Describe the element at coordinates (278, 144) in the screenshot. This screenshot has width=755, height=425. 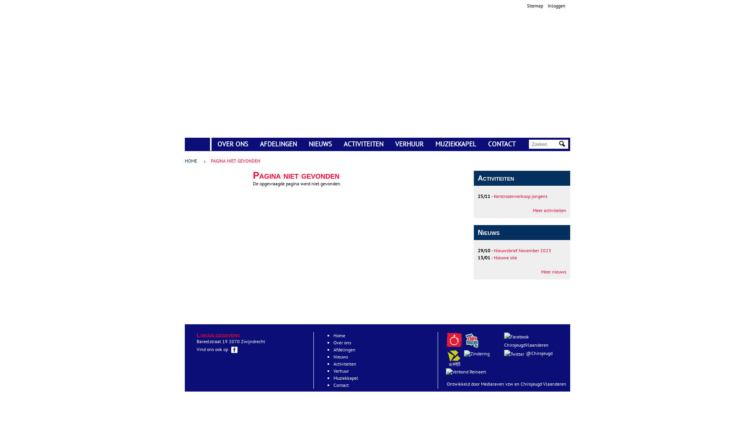
I see `'AFDELINGEN'` at that location.